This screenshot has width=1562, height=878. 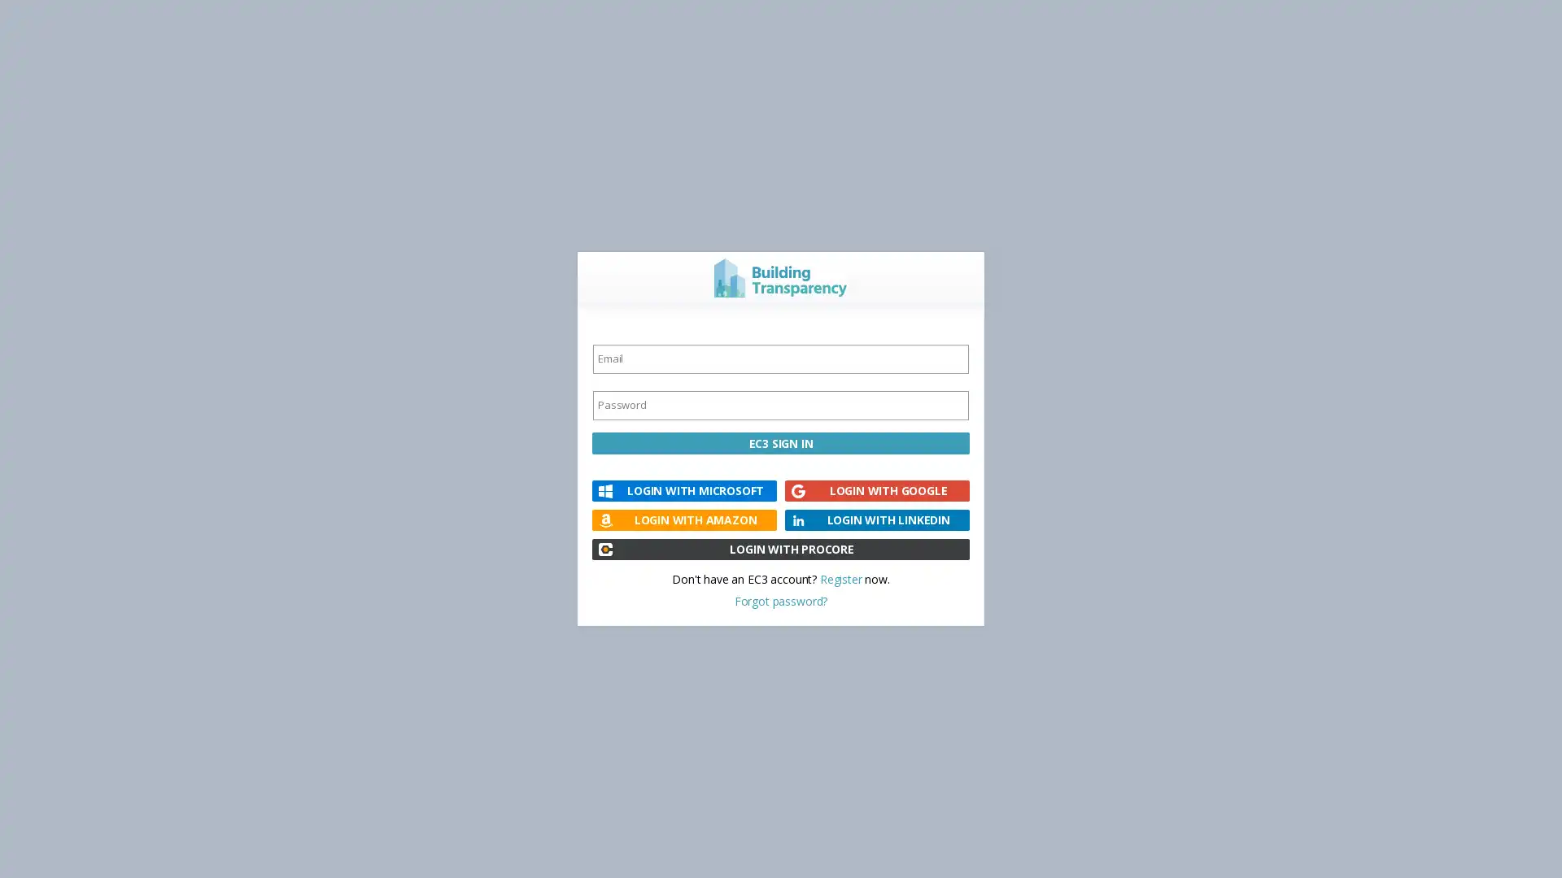 What do you see at coordinates (876, 485) in the screenshot?
I see `LOGIN WITH GOOGLE` at bounding box center [876, 485].